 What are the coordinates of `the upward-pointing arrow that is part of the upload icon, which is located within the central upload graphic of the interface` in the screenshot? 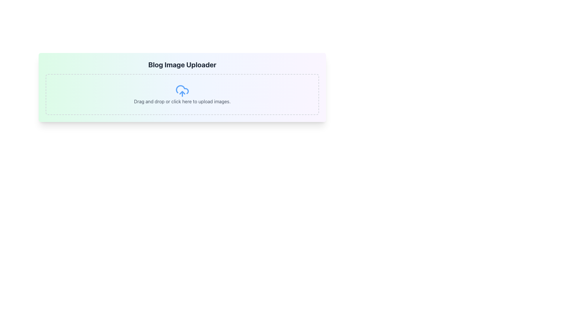 It's located at (182, 92).